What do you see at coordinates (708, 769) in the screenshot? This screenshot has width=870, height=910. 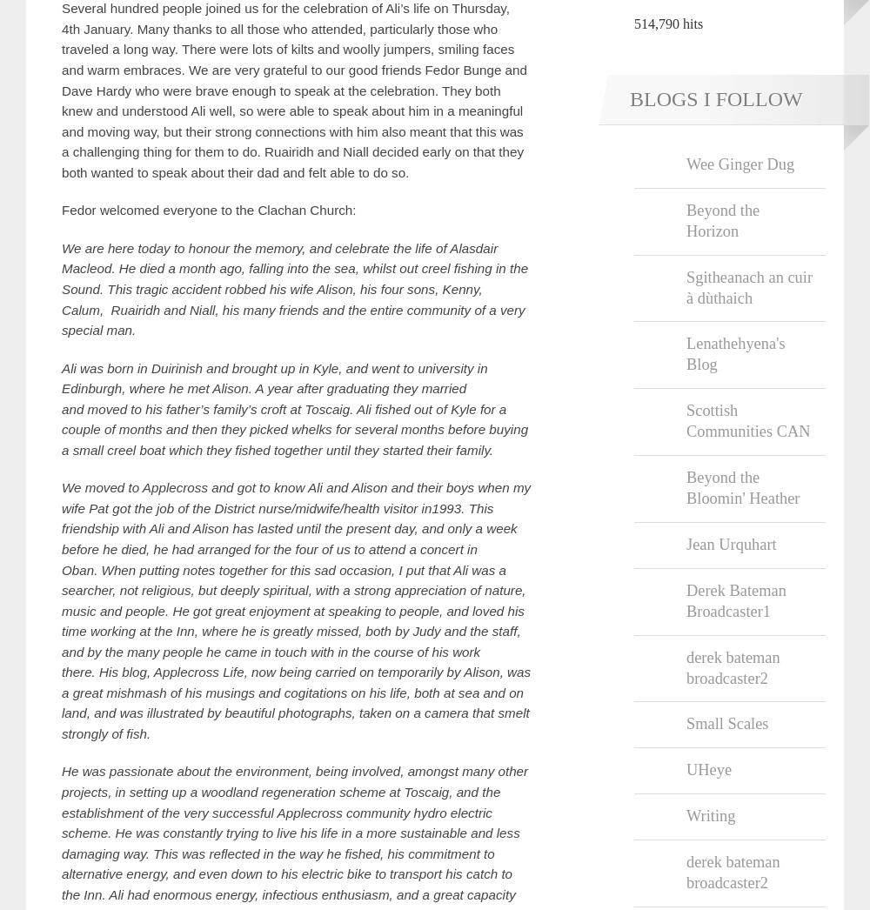 I see `'UHeye'` at bounding box center [708, 769].